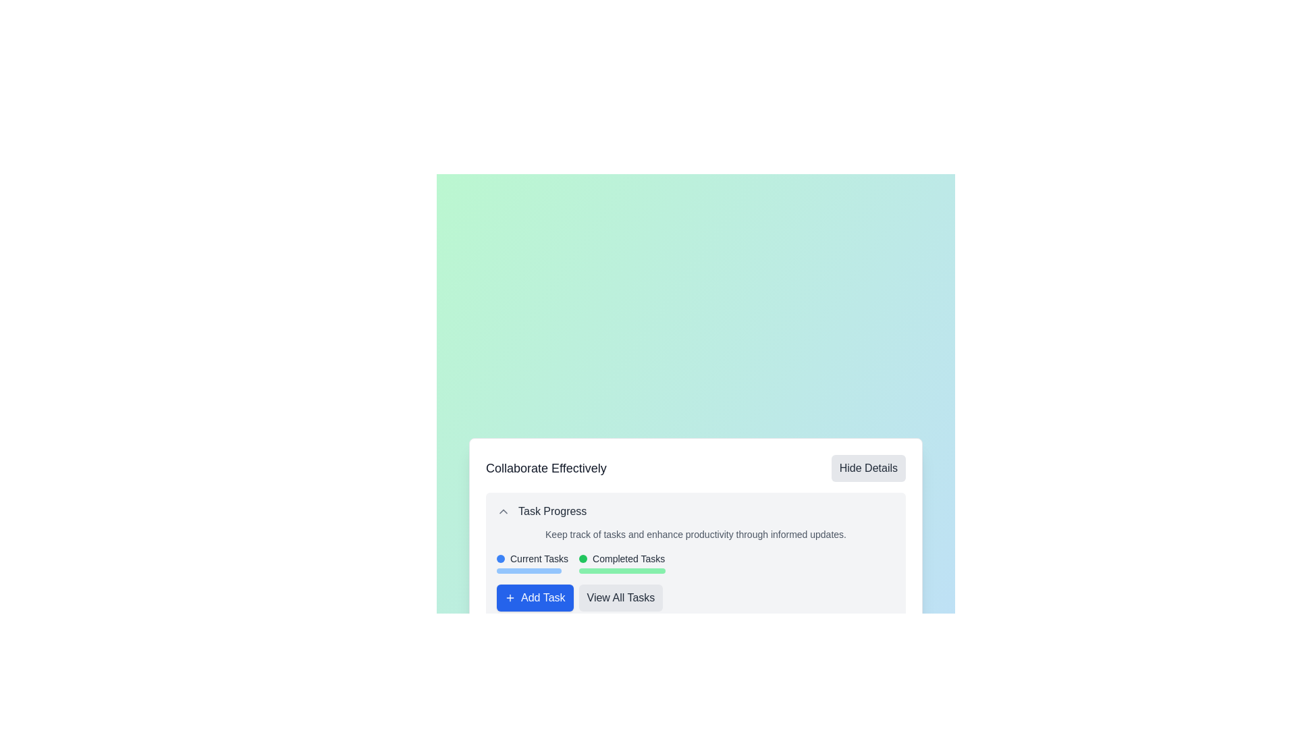  Describe the element at coordinates (546, 468) in the screenshot. I see `the Text Label that serves as a title or heading, positioned to the left of the 'Hide Details' element` at that location.